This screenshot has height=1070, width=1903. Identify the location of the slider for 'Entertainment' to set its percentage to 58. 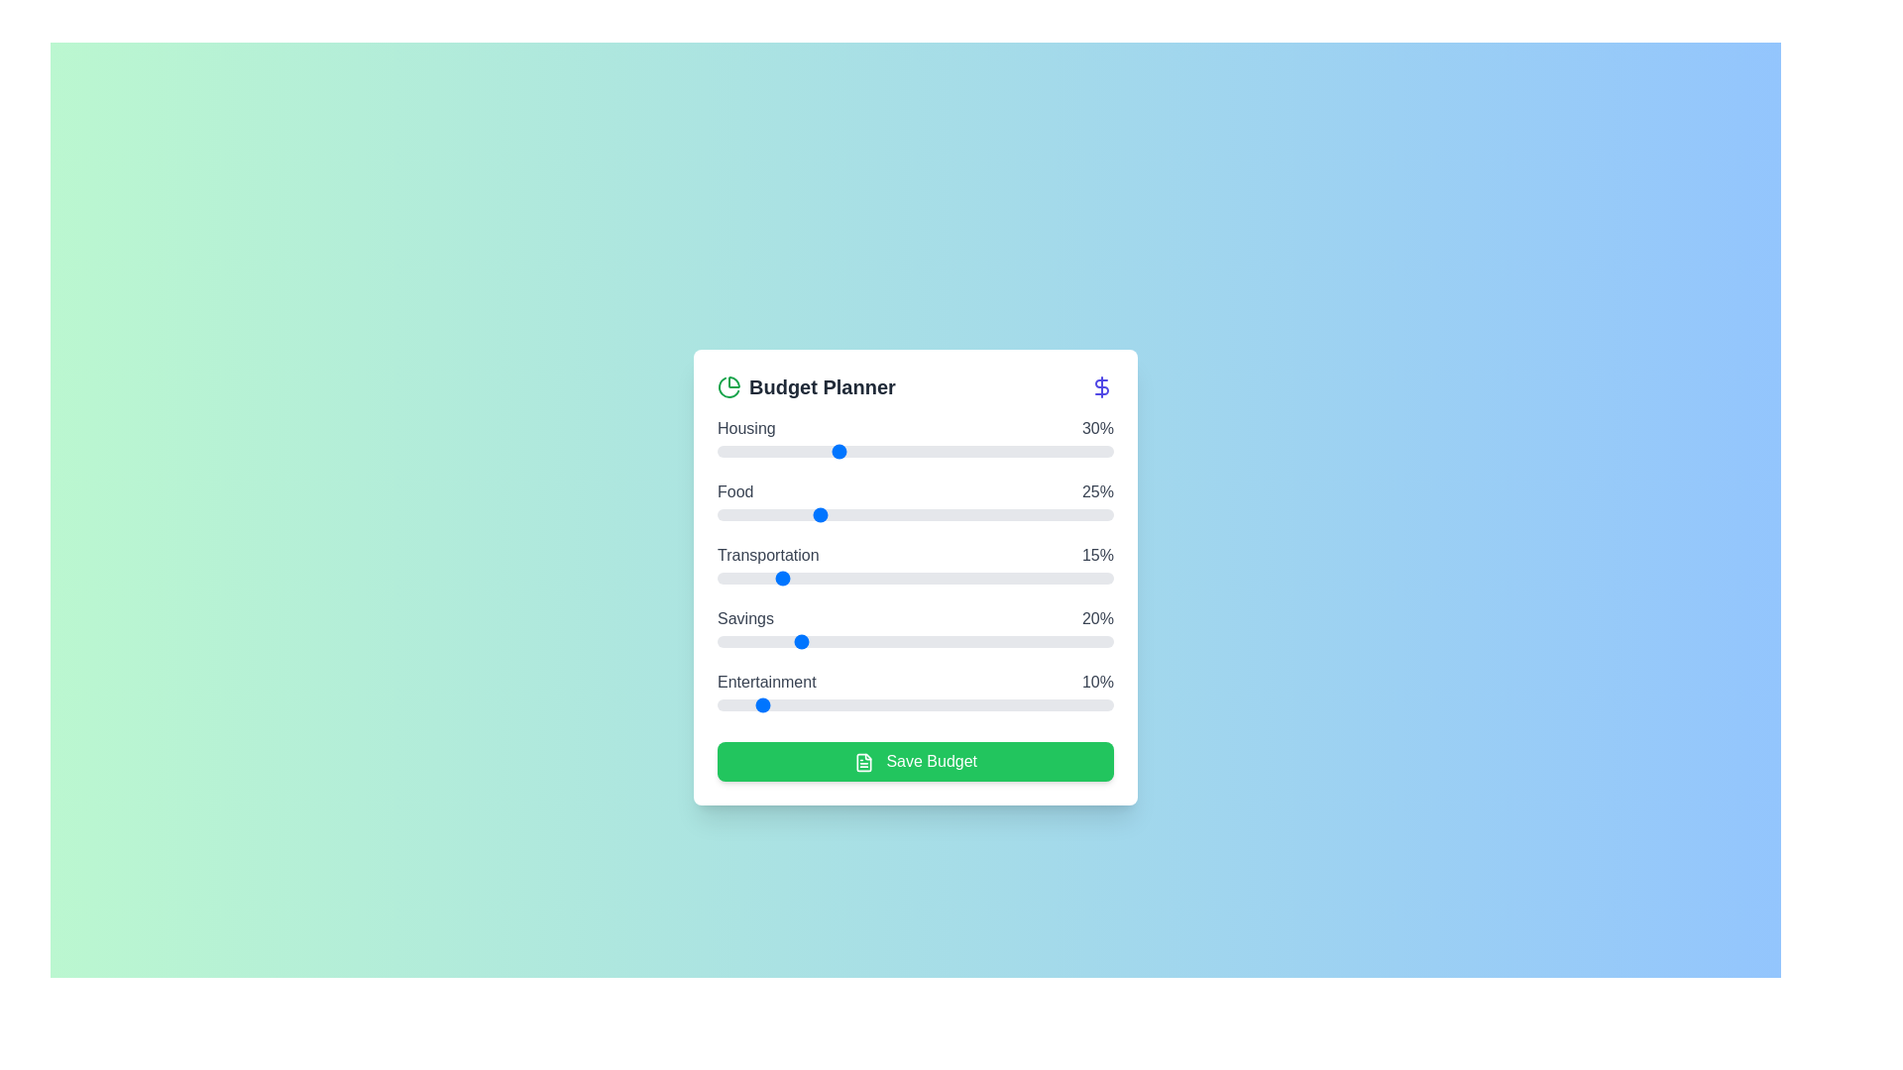
(946, 704).